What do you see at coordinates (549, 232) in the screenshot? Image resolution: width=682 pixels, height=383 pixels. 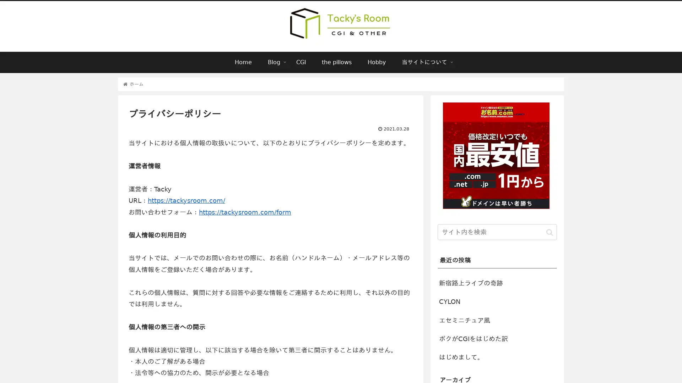 I see `button` at bounding box center [549, 232].